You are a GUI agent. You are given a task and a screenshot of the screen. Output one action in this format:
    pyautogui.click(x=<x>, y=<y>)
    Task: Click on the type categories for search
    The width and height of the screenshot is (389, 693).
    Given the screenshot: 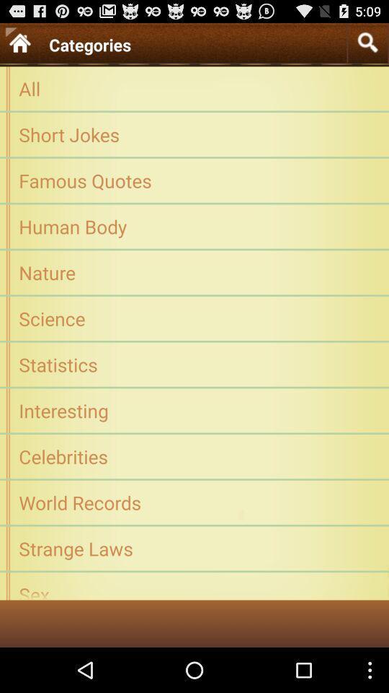 What is the action you would take?
    pyautogui.click(x=367, y=42)
    